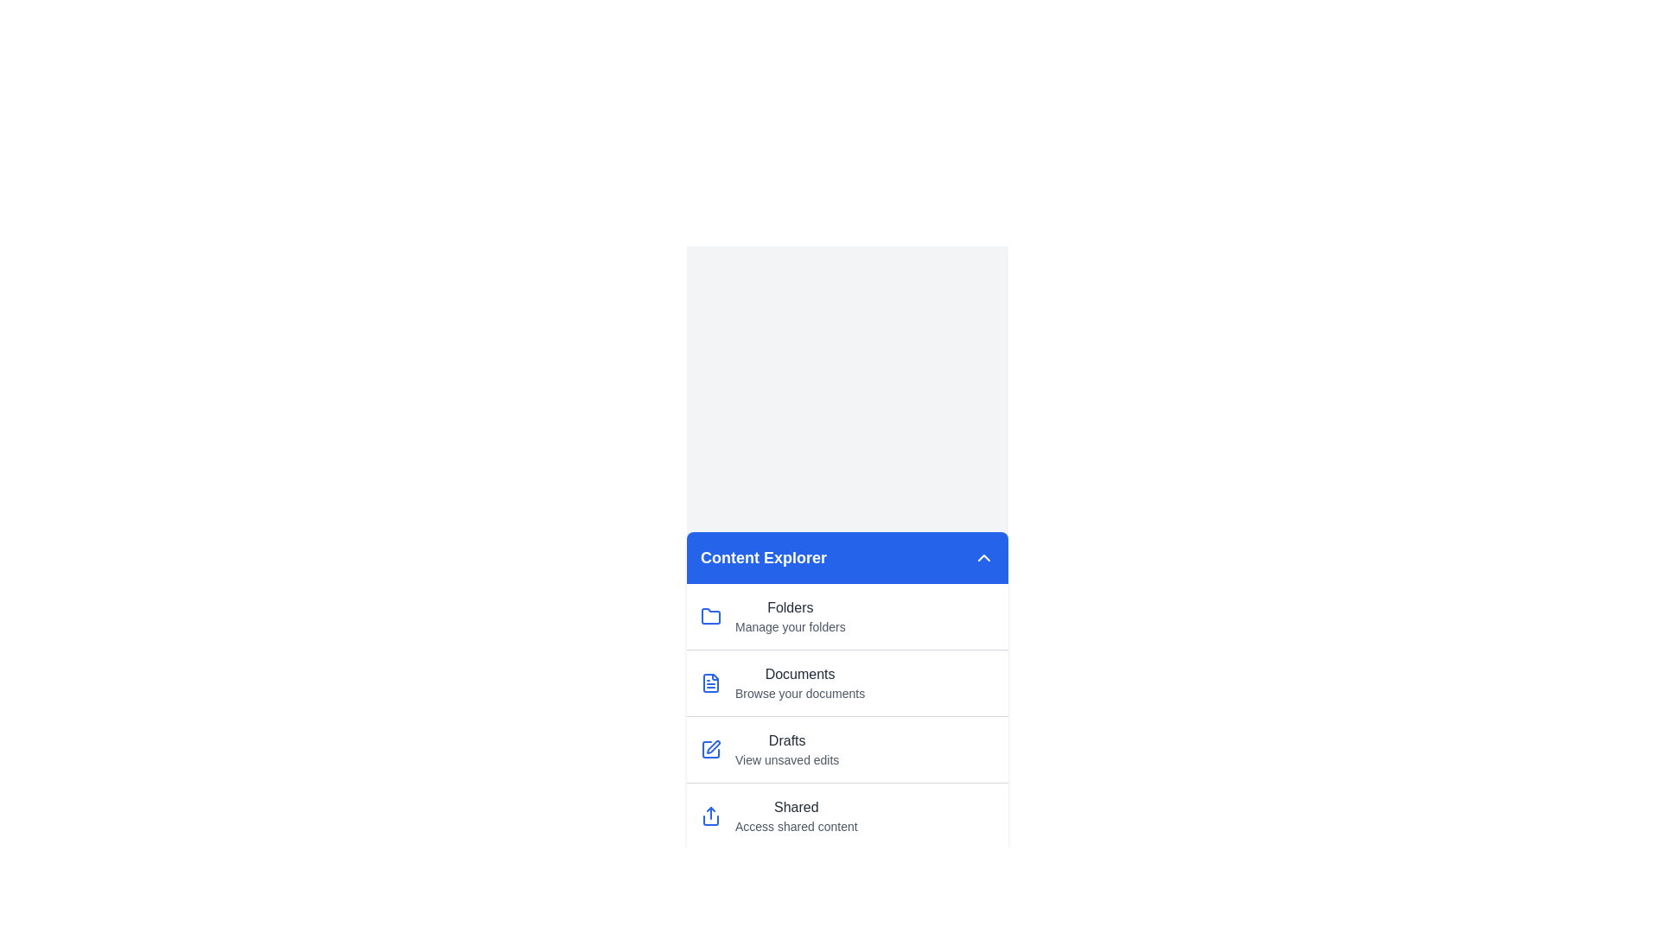  Describe the element at coordinates (847, 682) in the screenshot. I see `the menu item Documents from the list` at that location.